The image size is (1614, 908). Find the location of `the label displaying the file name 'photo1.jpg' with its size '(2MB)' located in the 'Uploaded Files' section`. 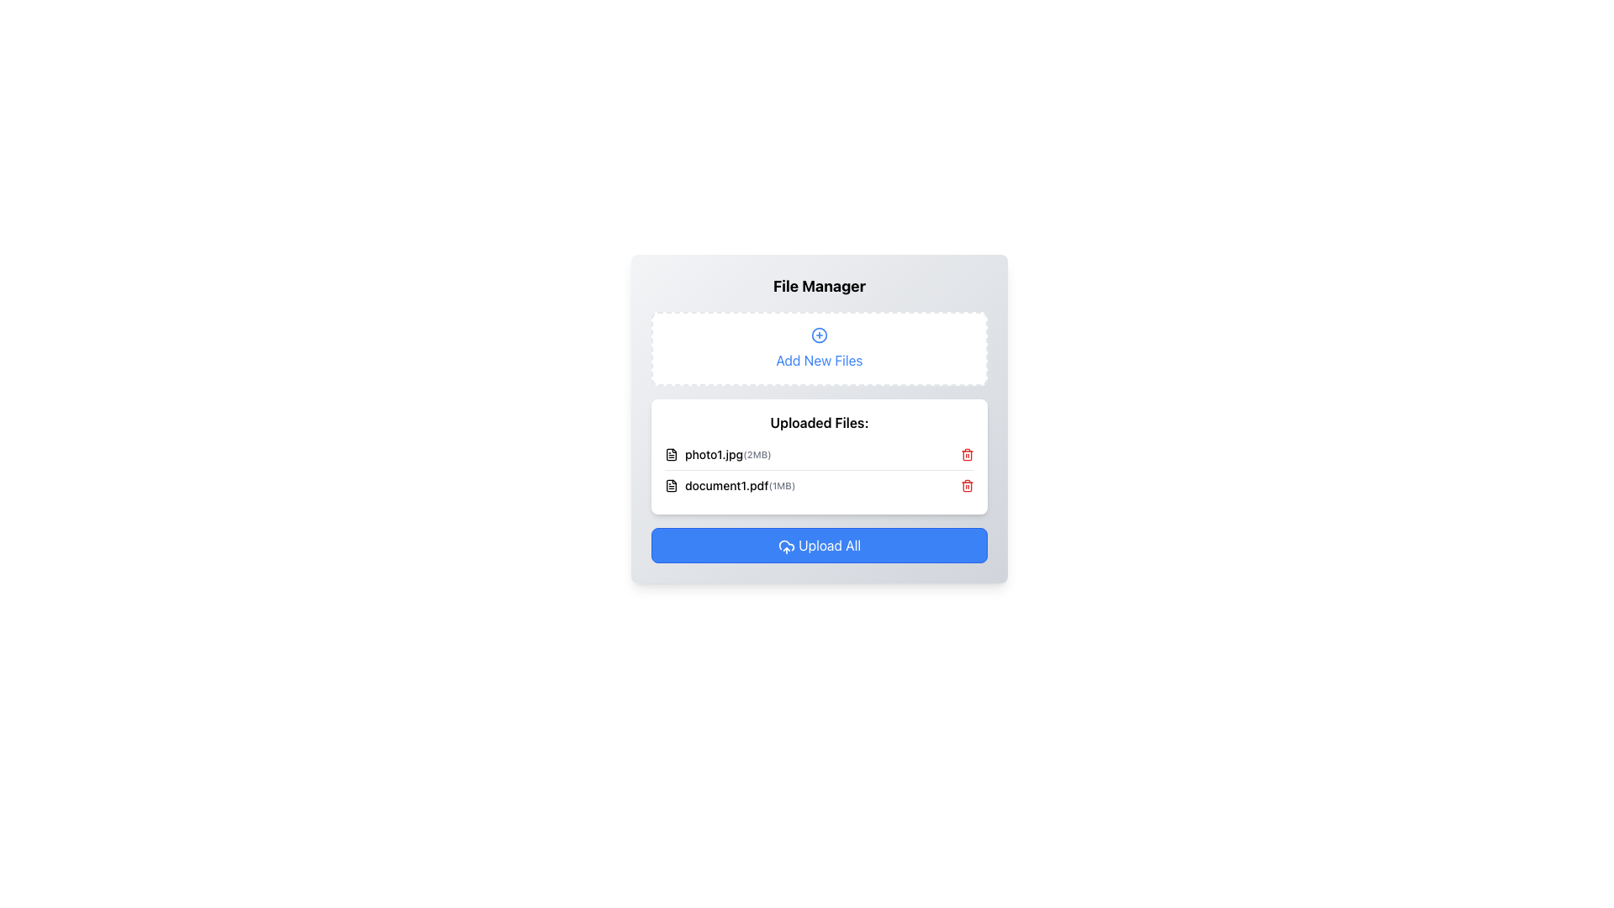

the label displaying the file name 'photo1.jpg' with its size '(2MB)' located in the 'Uploaded Files' section is located at coordinates (728, 454).